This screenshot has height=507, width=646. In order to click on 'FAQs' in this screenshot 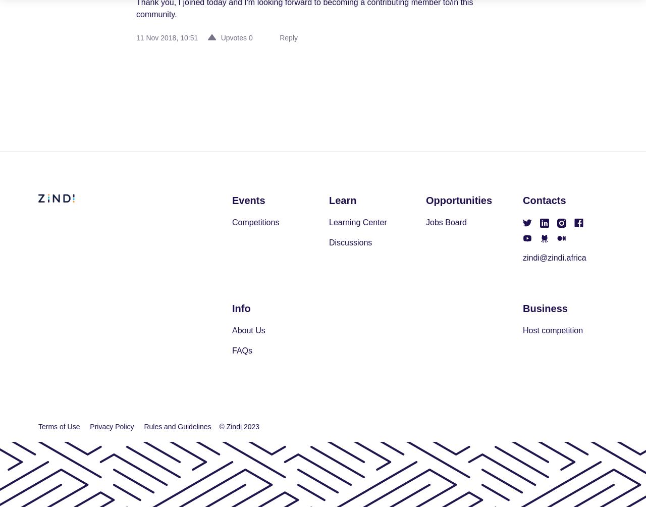, I will do `click(232, 350)`.